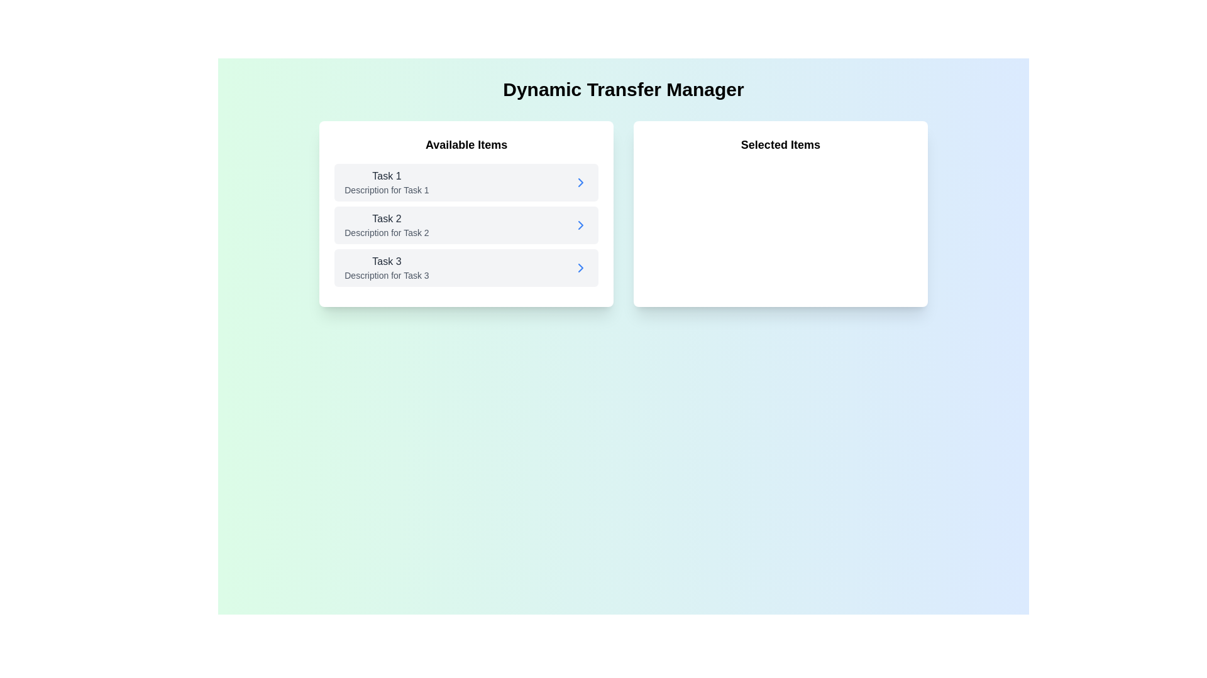  Describe the element at coordinates (386, 224) in the screenshot. I see `the Text label displaying the title and description of 'Task 2', which is the second item in the 'Available Items' list` at that location.